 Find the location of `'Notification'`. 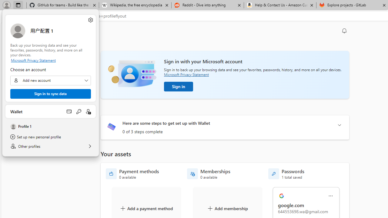

'Notification' is located at coordinates (344, 31).